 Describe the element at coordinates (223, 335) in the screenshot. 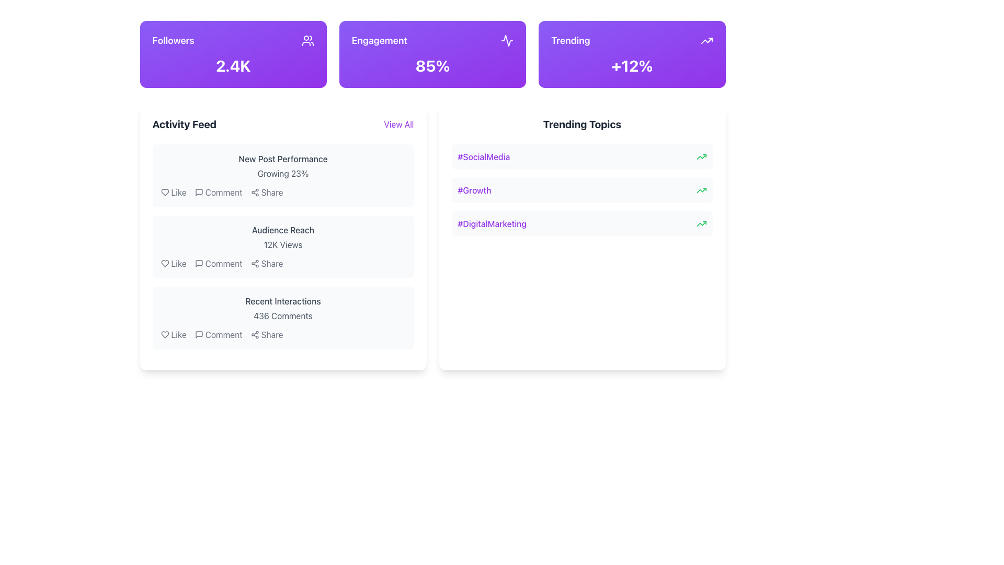

I see `the 'Comment' button in gray font located in the third card of the 'Activity Feed' section to initiate commenting` at that location.